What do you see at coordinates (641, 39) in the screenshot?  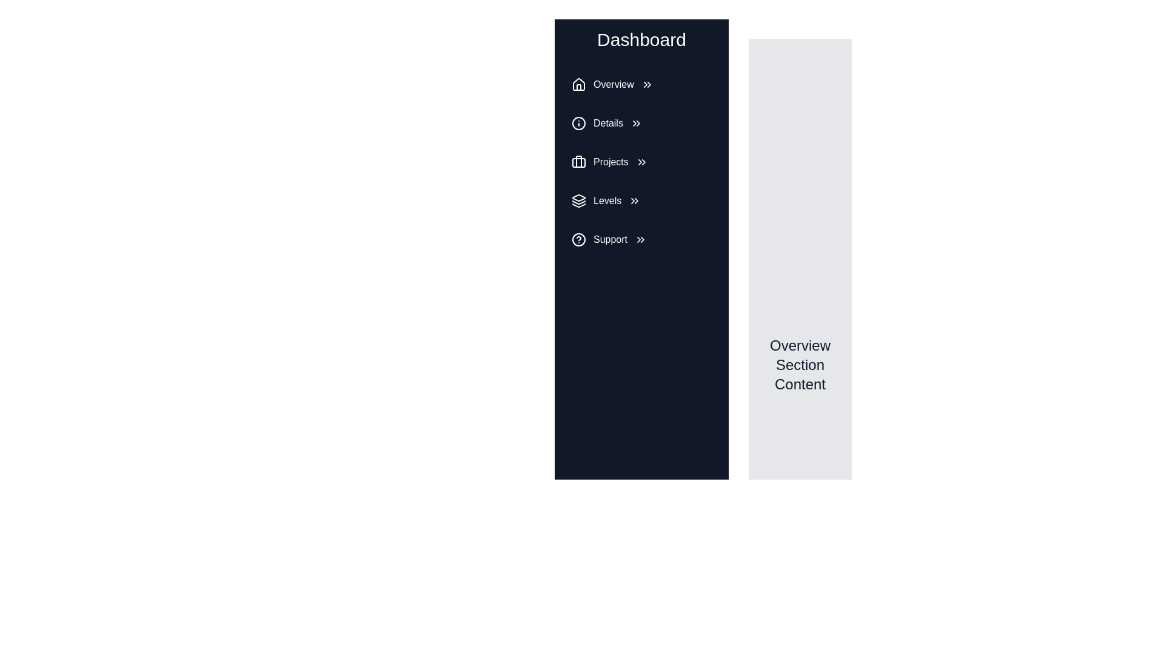 I see `the Static Text Header displaying 'Dashboard', which is a white text header located at the top of a dark sidebar` at bounding box center [641, 39].